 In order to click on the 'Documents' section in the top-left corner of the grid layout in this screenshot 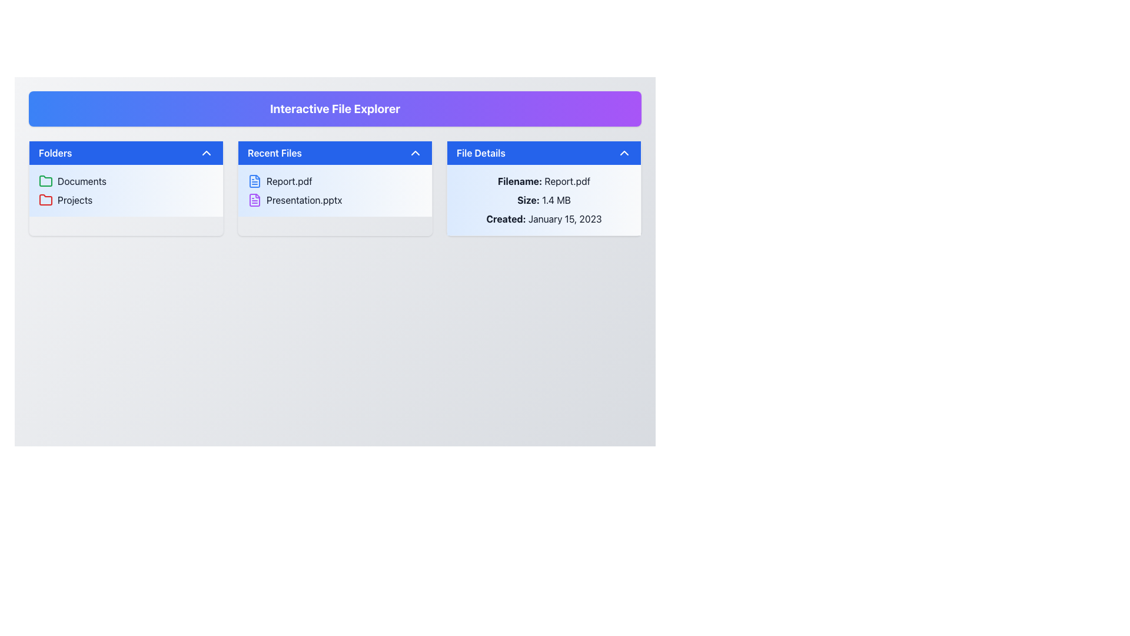, I will do `click(126, 188)`.